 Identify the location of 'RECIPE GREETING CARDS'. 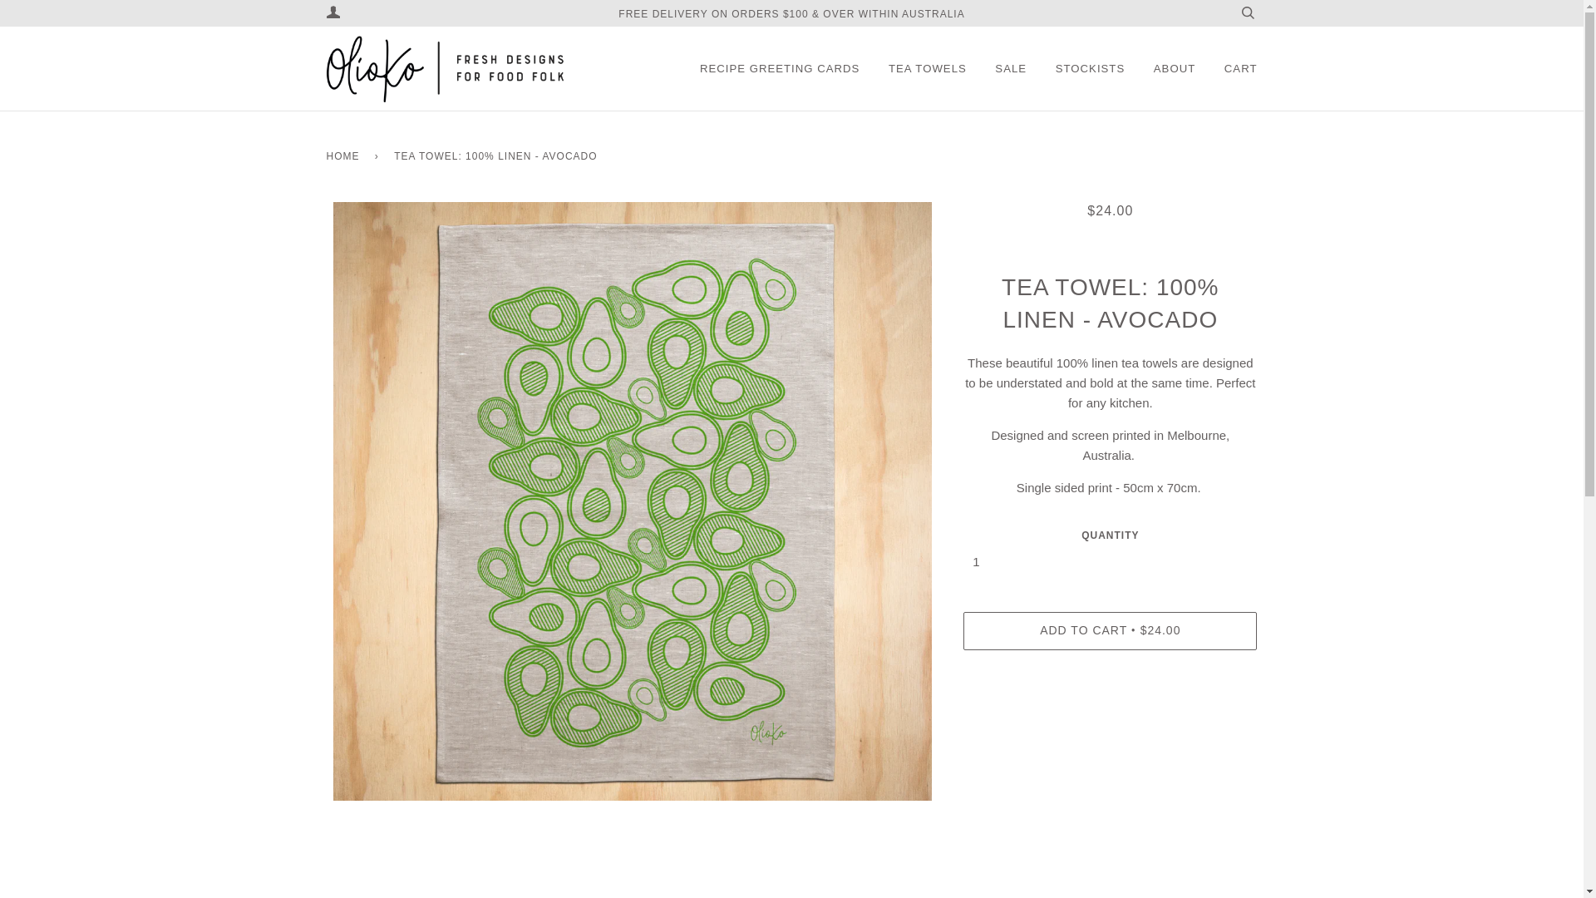
(778, 67).